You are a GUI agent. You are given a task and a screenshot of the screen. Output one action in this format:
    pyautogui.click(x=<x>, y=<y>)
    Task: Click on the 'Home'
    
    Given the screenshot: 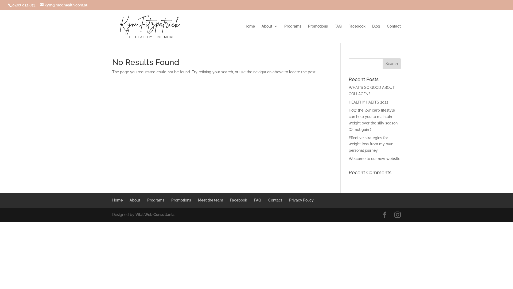 What is the action you would take?
    pyautogui.click(x=117, y=200)
    